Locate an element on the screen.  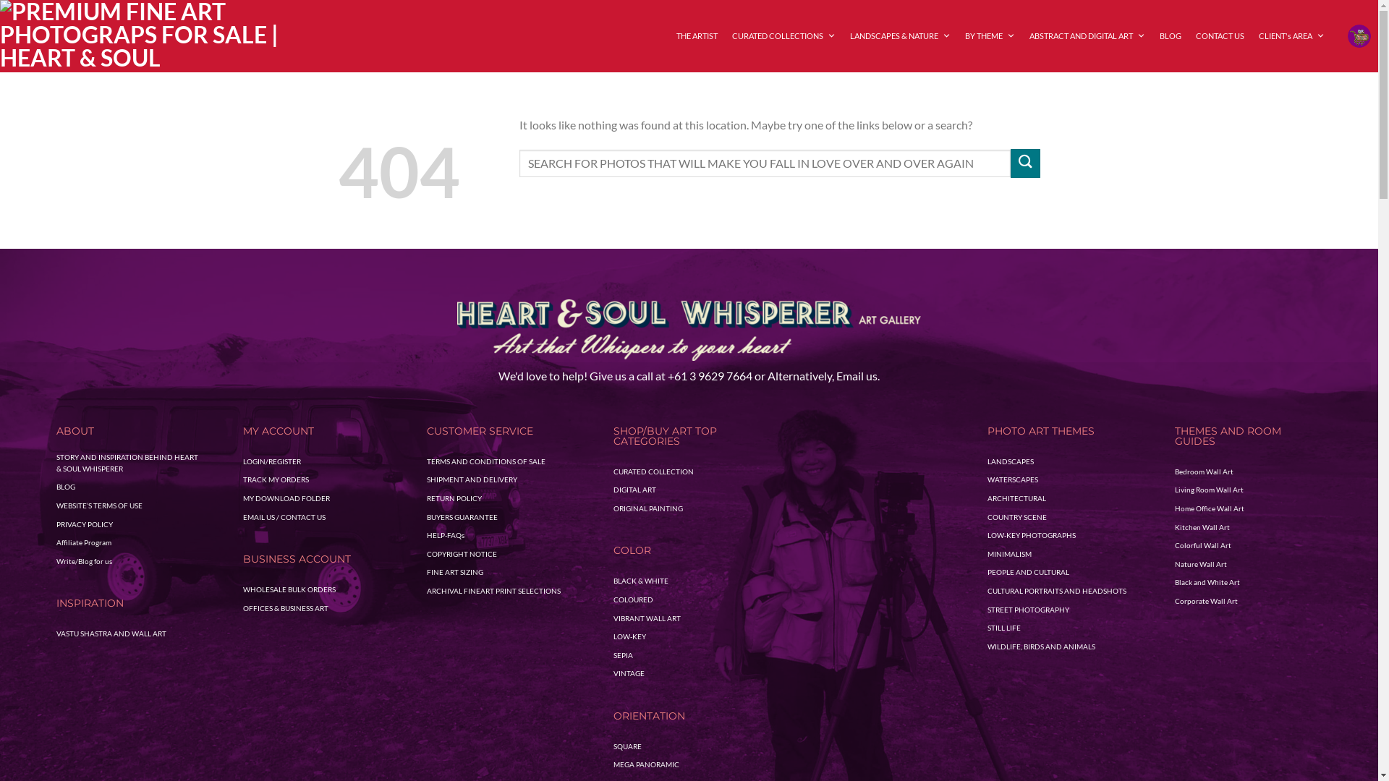
'SEPIA' is located at coordinates (623, 655).